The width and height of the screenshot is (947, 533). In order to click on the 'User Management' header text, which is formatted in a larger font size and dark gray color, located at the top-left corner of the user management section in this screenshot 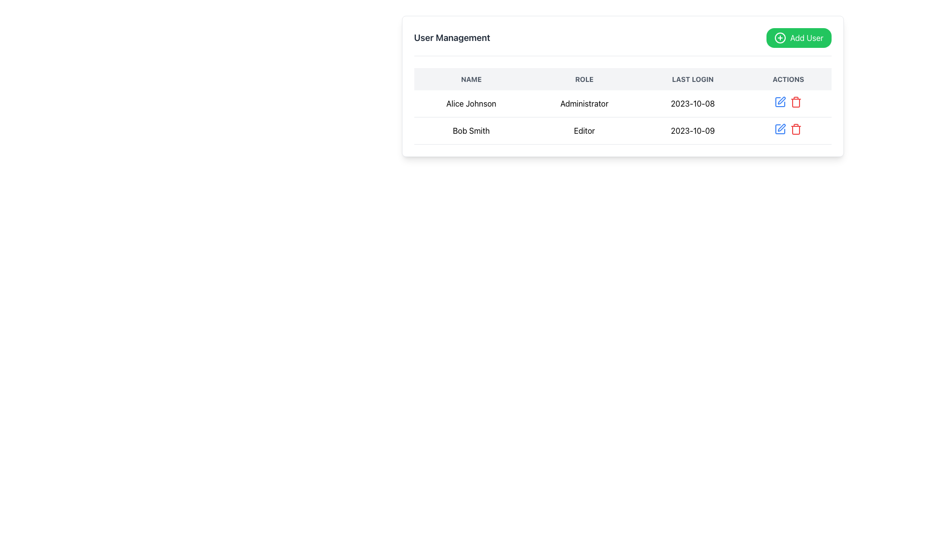, I will do `click(451, 38)`.